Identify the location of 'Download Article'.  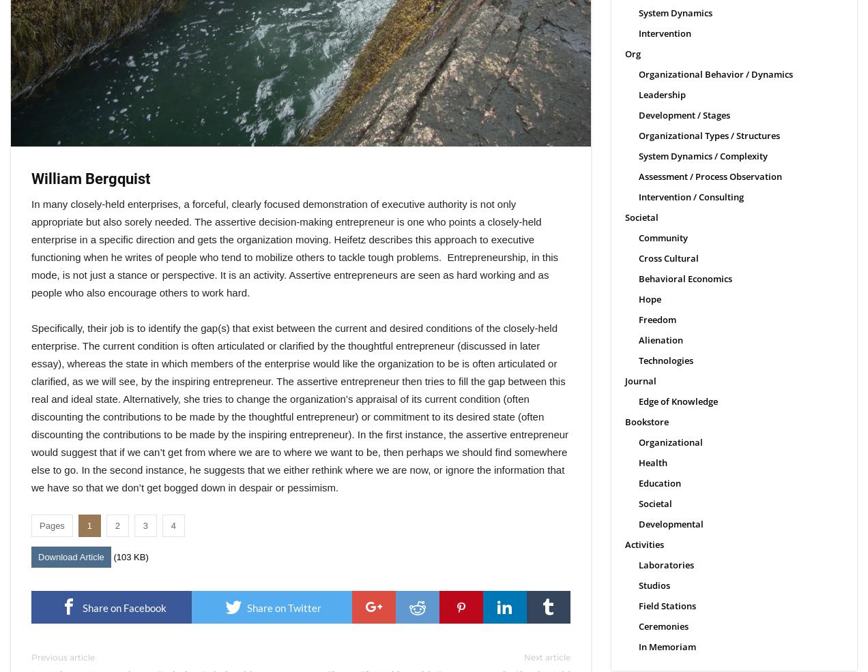
(71, 556).